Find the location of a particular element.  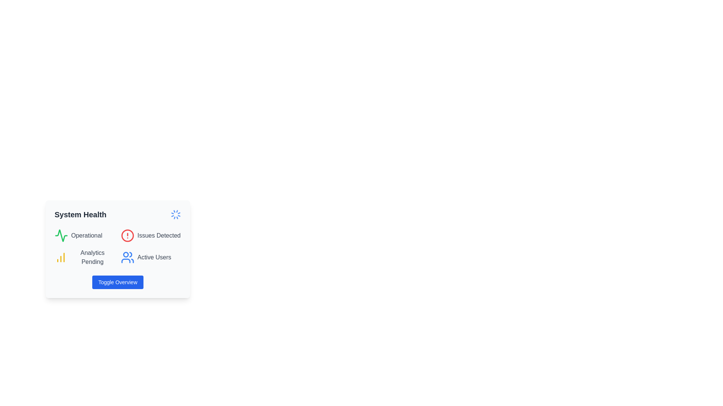

the vertical bar chart icon with three yellow bars, which is positioned to the left of the text 'Analytics Pending' in the bottom-left quadrant of the 'System Health' card is located at coordinates (61, 257).